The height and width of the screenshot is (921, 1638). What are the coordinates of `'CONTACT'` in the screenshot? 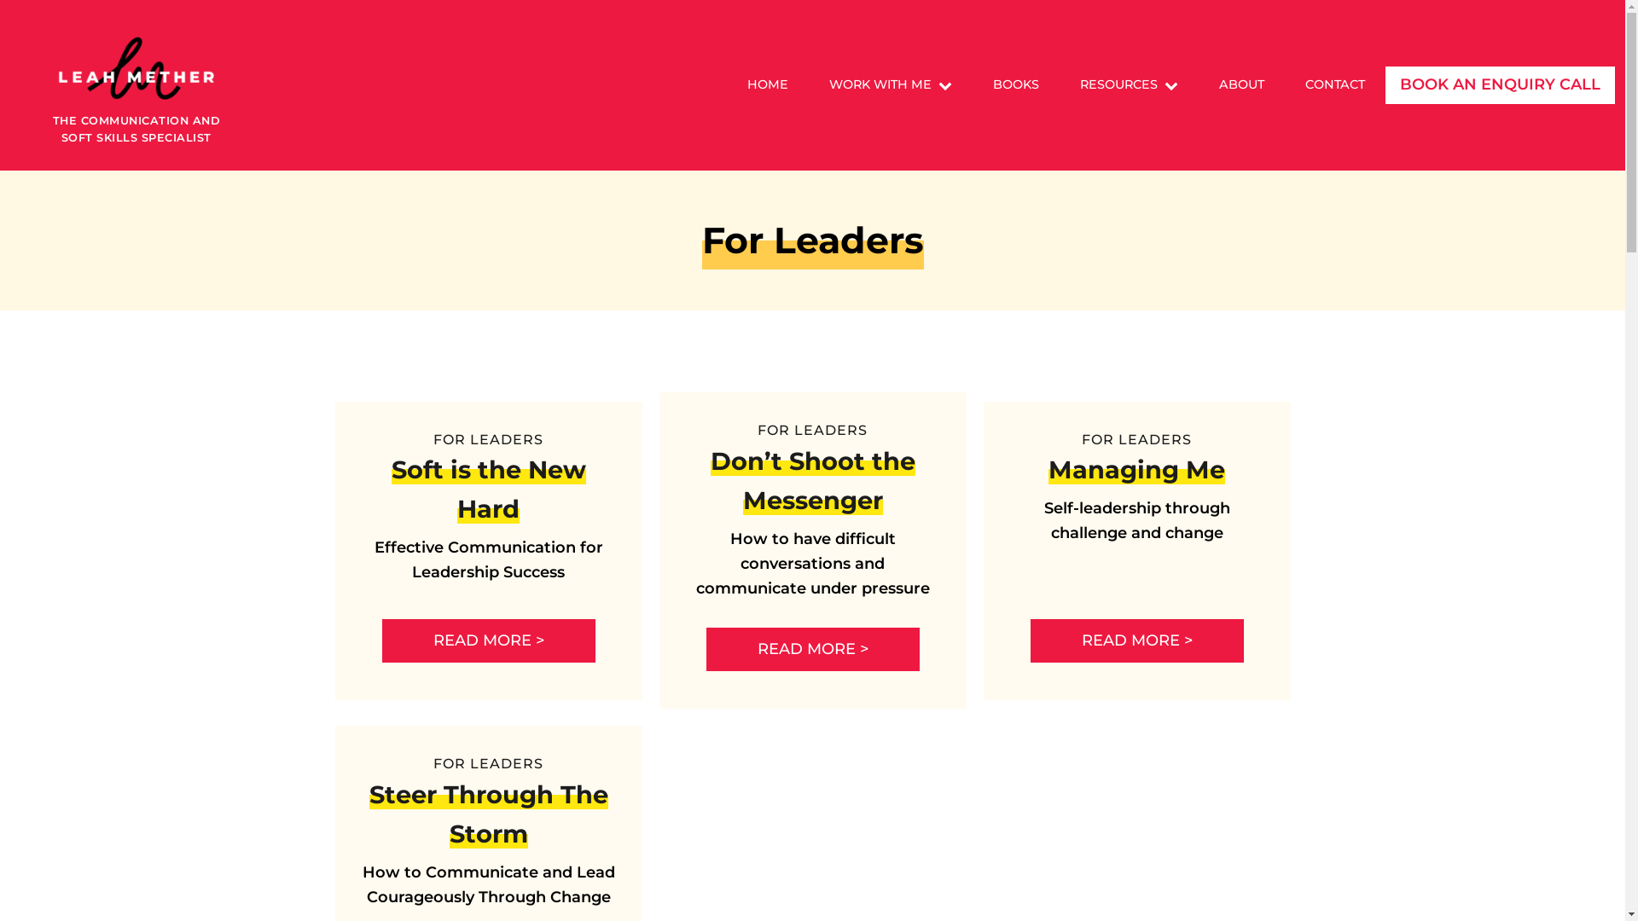 It's located at (1333, 84).